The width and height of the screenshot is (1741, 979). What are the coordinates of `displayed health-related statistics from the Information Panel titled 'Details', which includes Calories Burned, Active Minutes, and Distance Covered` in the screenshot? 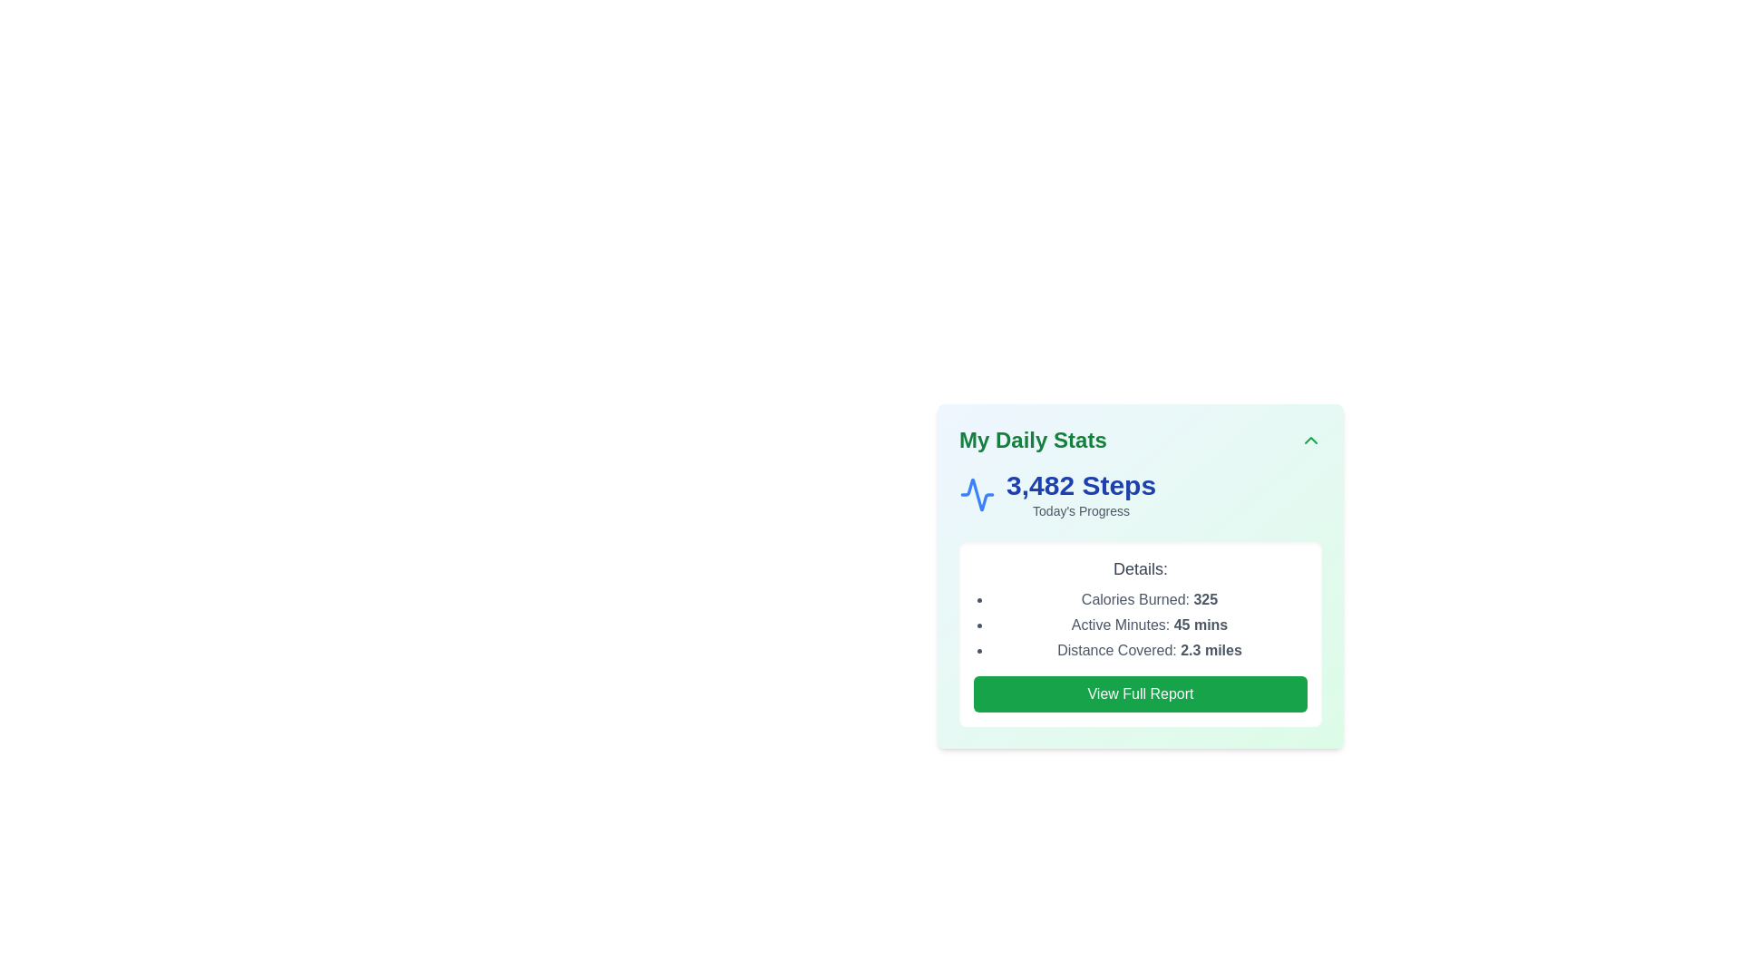 It's located at (1139, 633).